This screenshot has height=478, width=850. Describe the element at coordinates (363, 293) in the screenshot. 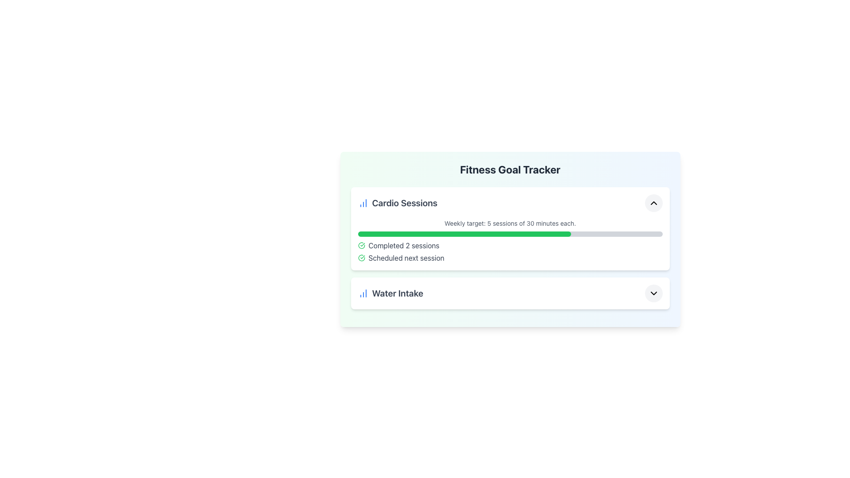

I see `the blue column chart icon that is part of the 'Water Intake' section in the Fitness Goal Tracker` at that location.